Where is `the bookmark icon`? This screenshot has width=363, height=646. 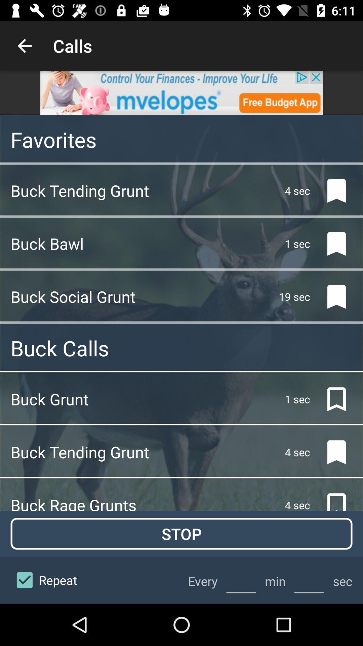
the bookmark icon is located at coordinates (331, 190).